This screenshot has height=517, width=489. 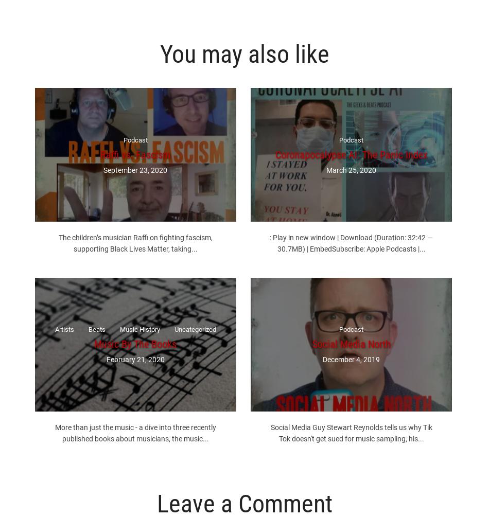 What do you see at coordinates (139, 329) in the screenshot?
I see `'Music History'` at bounding box center [139, 329].